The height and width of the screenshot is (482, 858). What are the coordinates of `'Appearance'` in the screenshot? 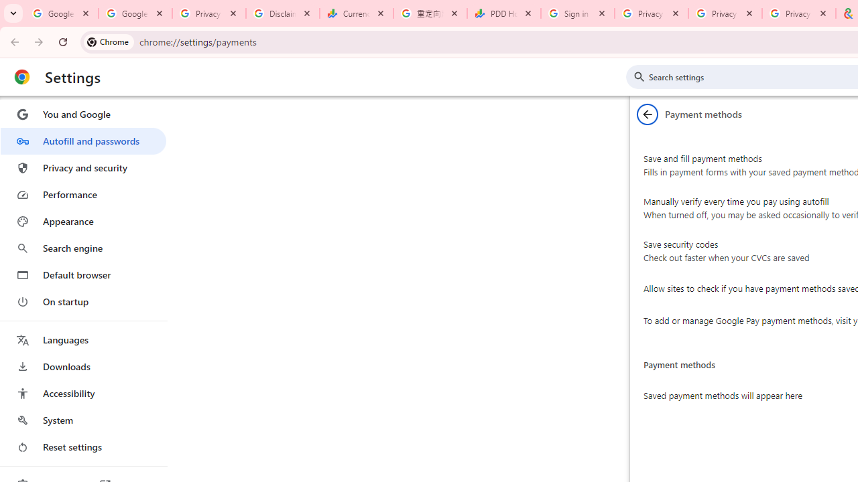 It's located at (82, 221).